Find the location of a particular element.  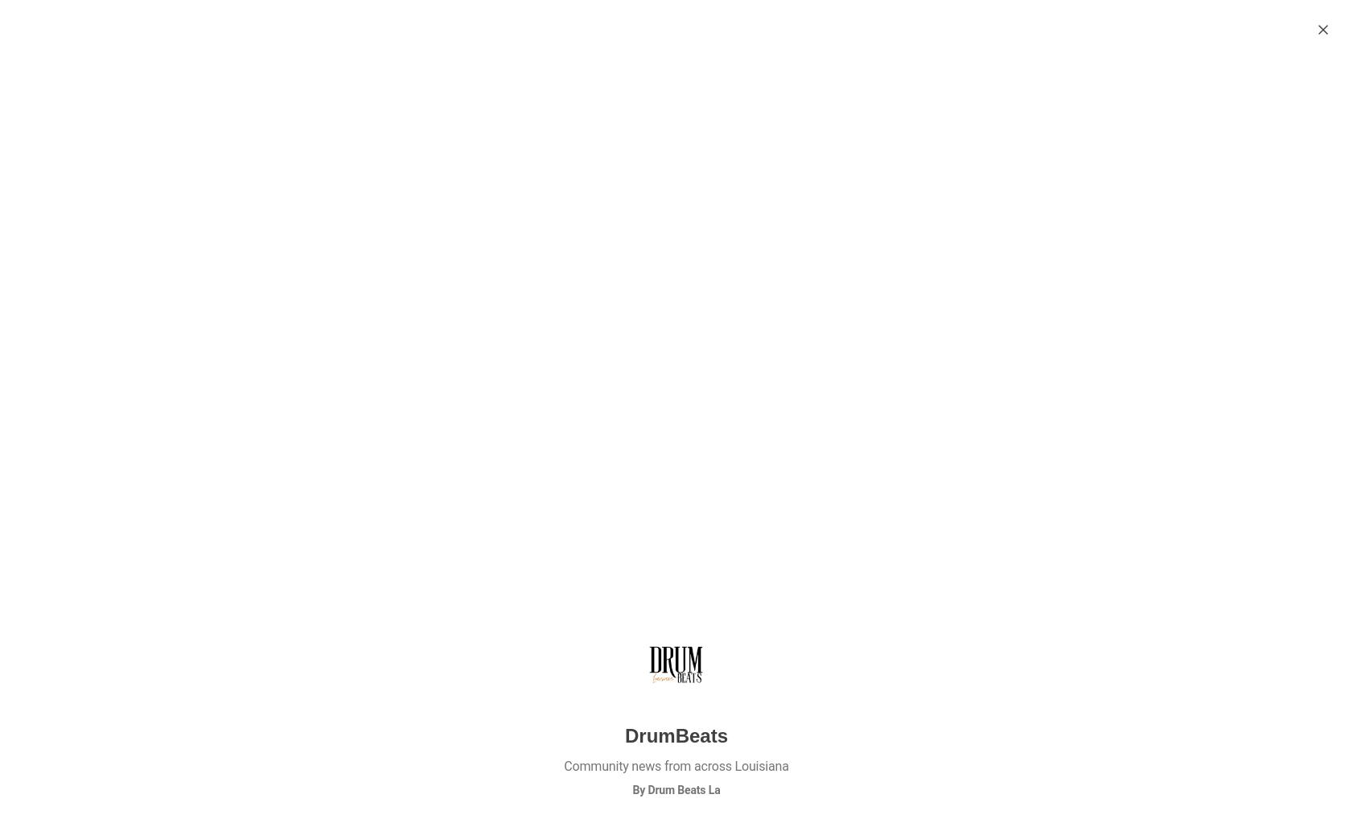

'Community news from across Louisiana' is located at coordinates (676, 765).